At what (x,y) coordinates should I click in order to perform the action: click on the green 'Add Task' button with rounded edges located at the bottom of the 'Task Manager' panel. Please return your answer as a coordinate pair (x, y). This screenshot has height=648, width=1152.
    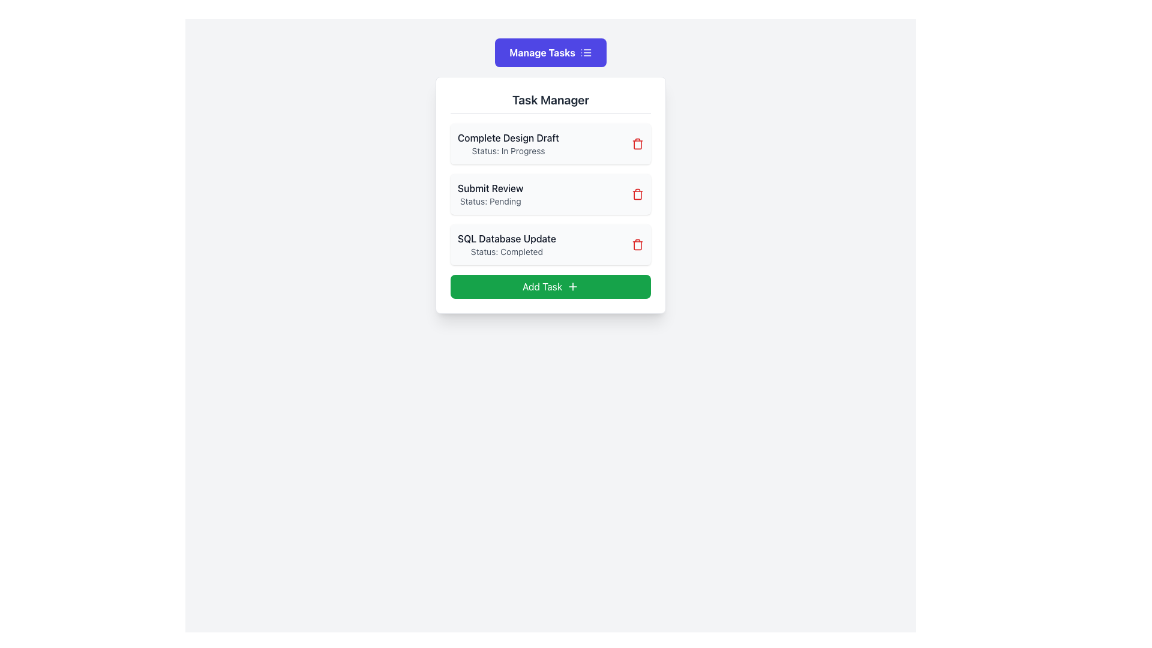
    Looking at the image, I should click on (550, 287).